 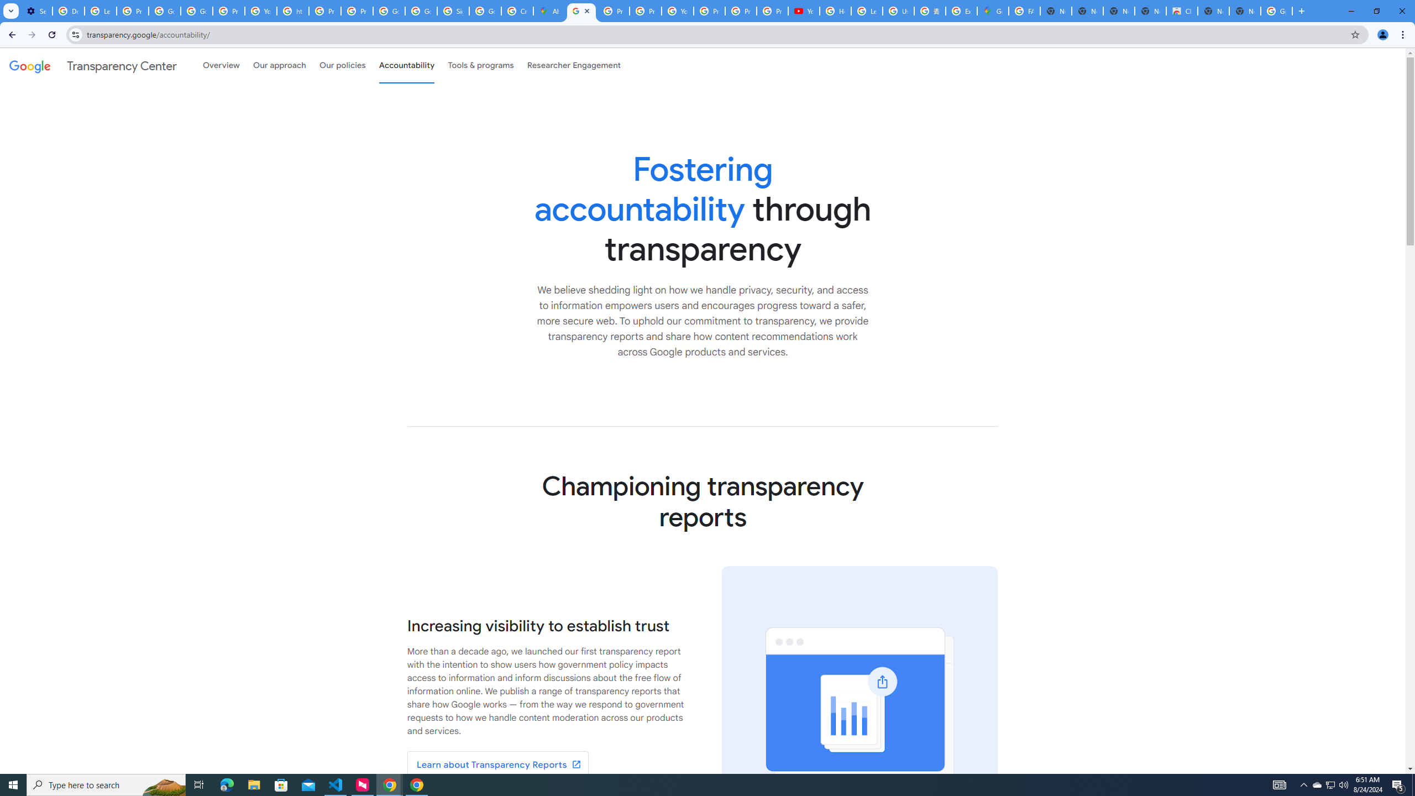 I want to click on 'Create your Google Account', so click(x=516, y=11).